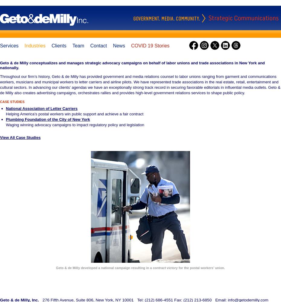  Describe the element at coordinates (12, 101) in the screenshot. I see `'CASE STUDIES'` at that location.